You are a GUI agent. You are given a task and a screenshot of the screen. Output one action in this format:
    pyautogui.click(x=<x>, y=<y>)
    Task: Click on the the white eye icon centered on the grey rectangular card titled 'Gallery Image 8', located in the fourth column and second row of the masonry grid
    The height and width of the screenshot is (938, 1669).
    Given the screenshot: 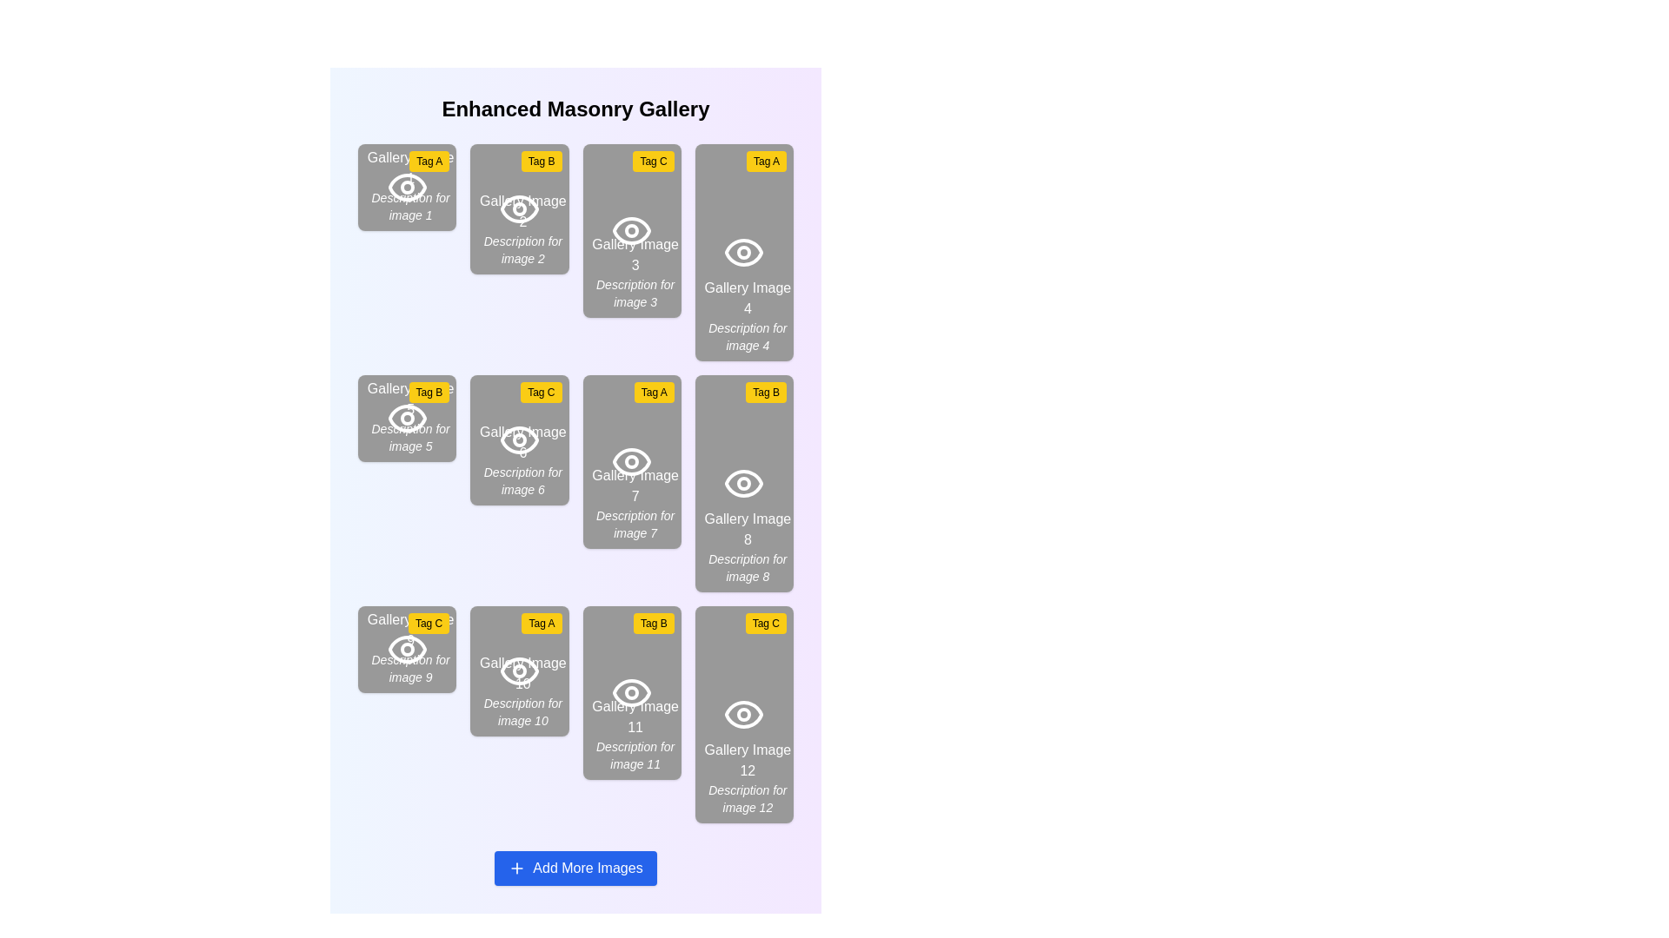 What is the action you would take?
    pyautogui.click(x=744, y=483)
    